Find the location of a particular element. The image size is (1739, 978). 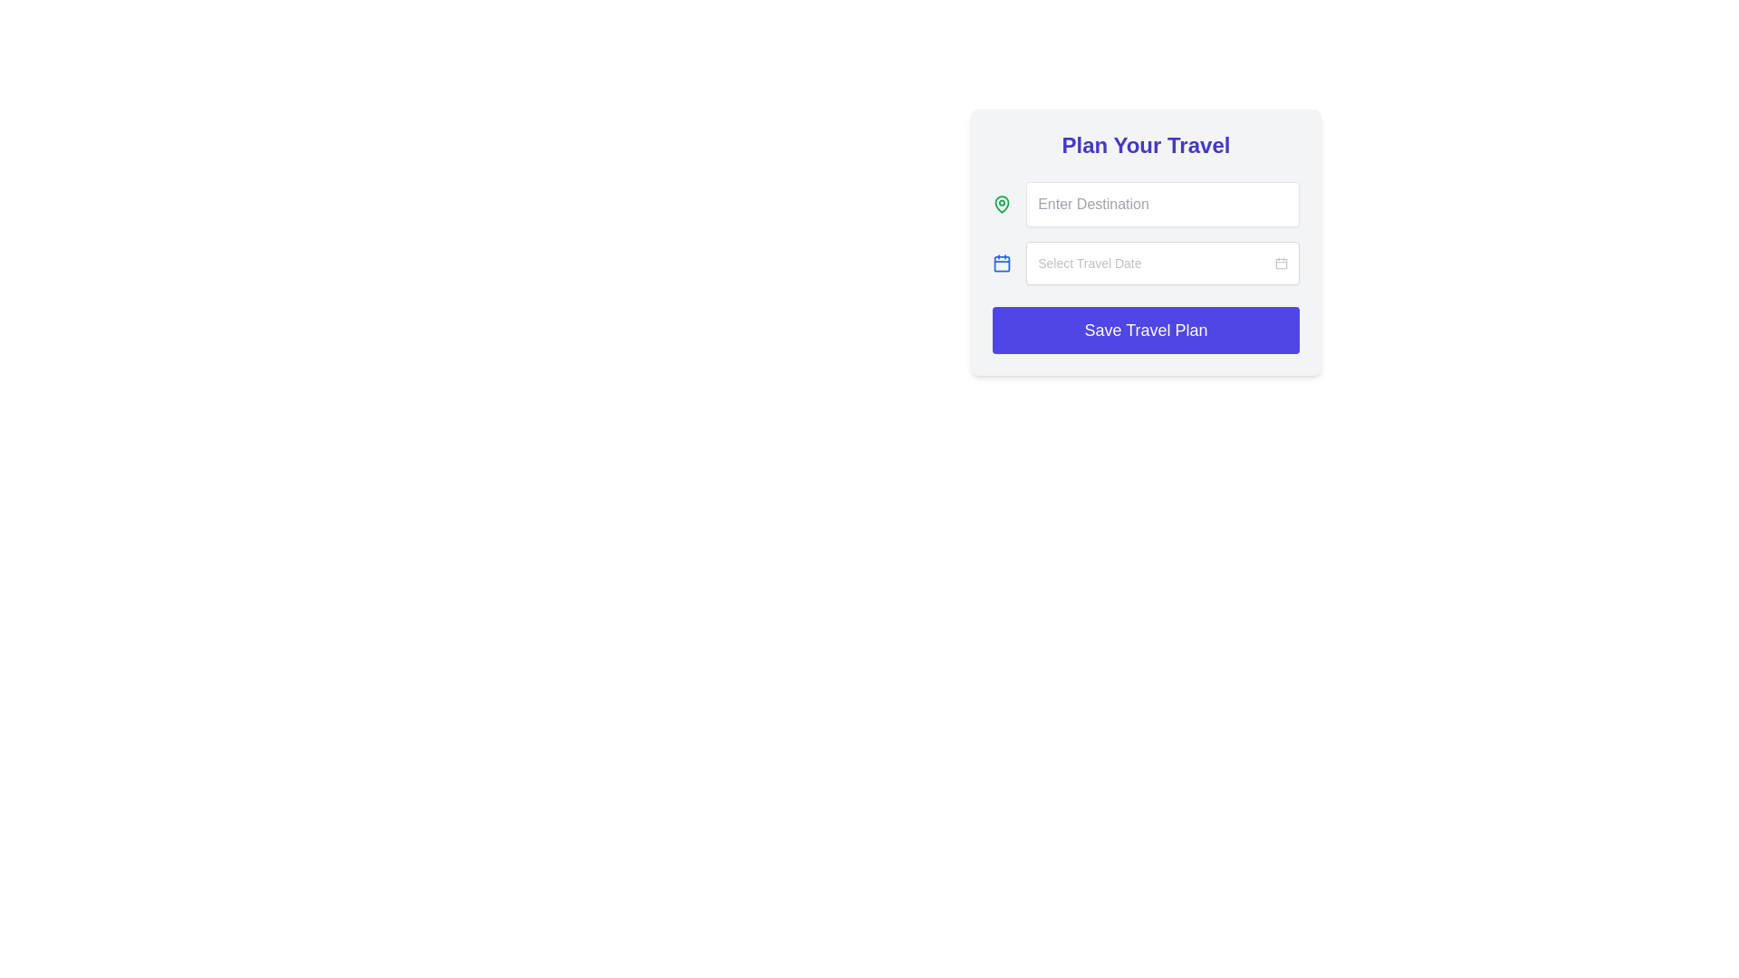

the calendar icon located to the left of the 'Select Travel Date' text input in the 'Plan Your Travel' form to invoke the date-picker is located at coordinates (1001, 263).